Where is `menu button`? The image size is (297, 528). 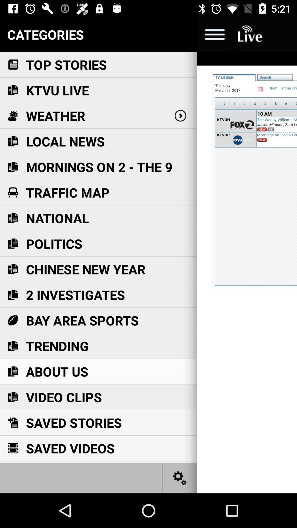
menu button is located at coordinates (214, 34).